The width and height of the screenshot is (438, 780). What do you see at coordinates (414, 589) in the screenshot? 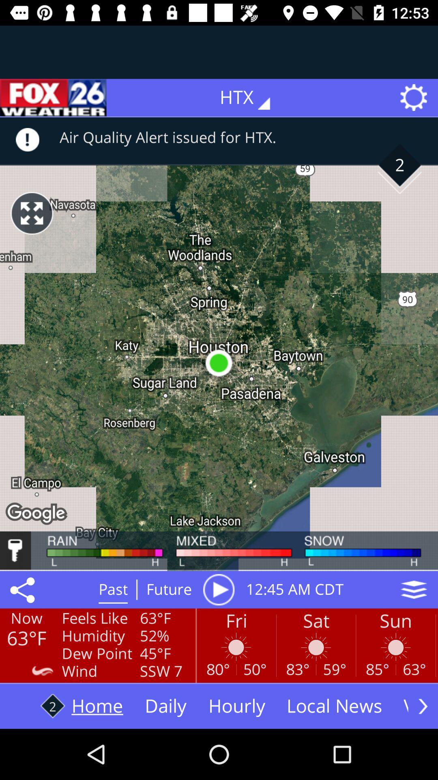
I see `item next to 12 45 am` at bounding box center [414, 589].